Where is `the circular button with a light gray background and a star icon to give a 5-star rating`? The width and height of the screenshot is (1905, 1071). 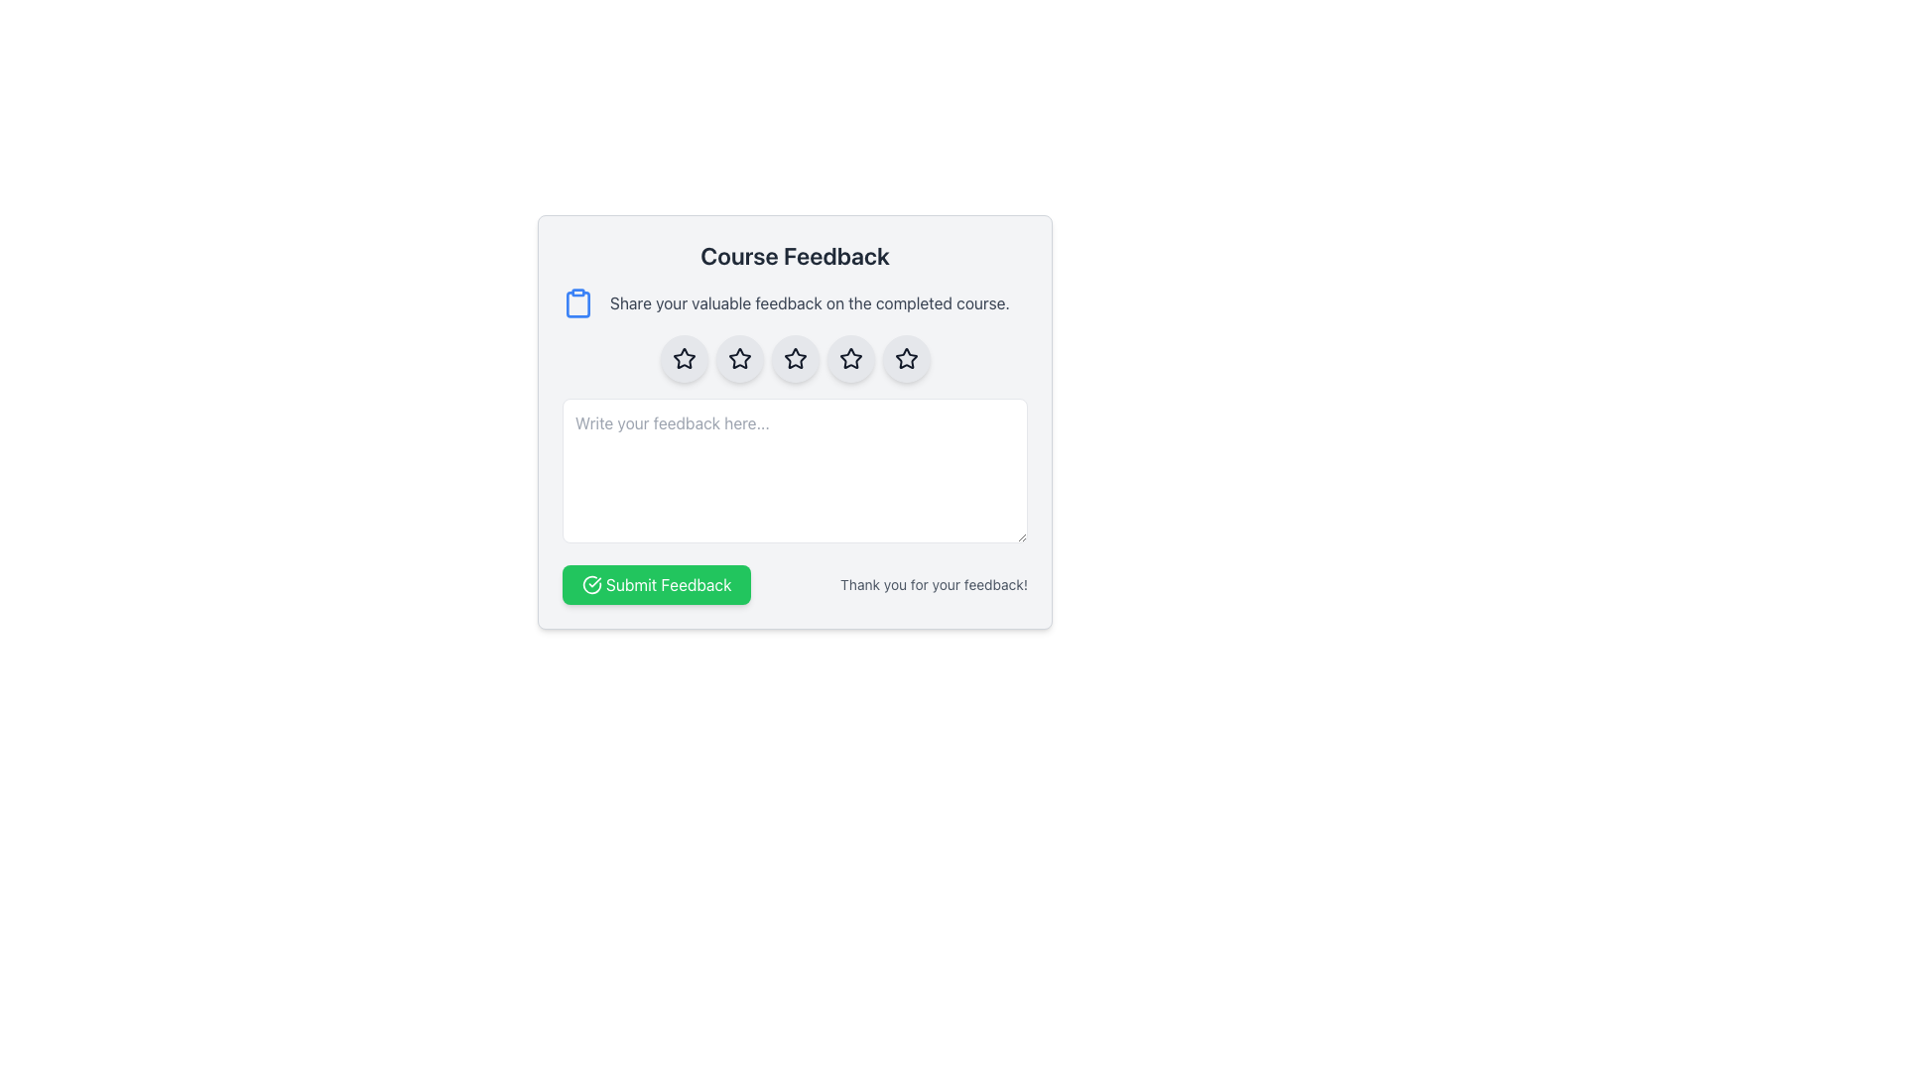
the circular button with a light gray background and a star icon to give a 5-star rating is located at coordinates (905, 359).